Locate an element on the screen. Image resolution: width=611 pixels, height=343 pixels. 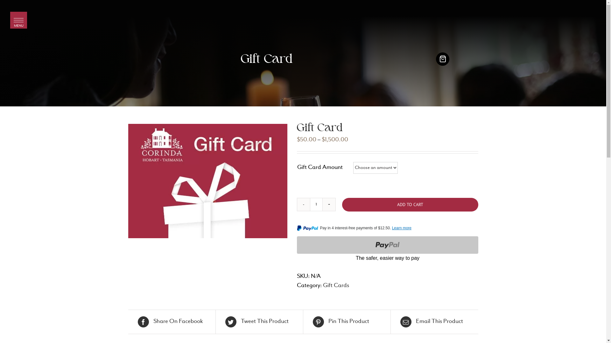
'Share On Facebook' is located at coordinates (171, 322).